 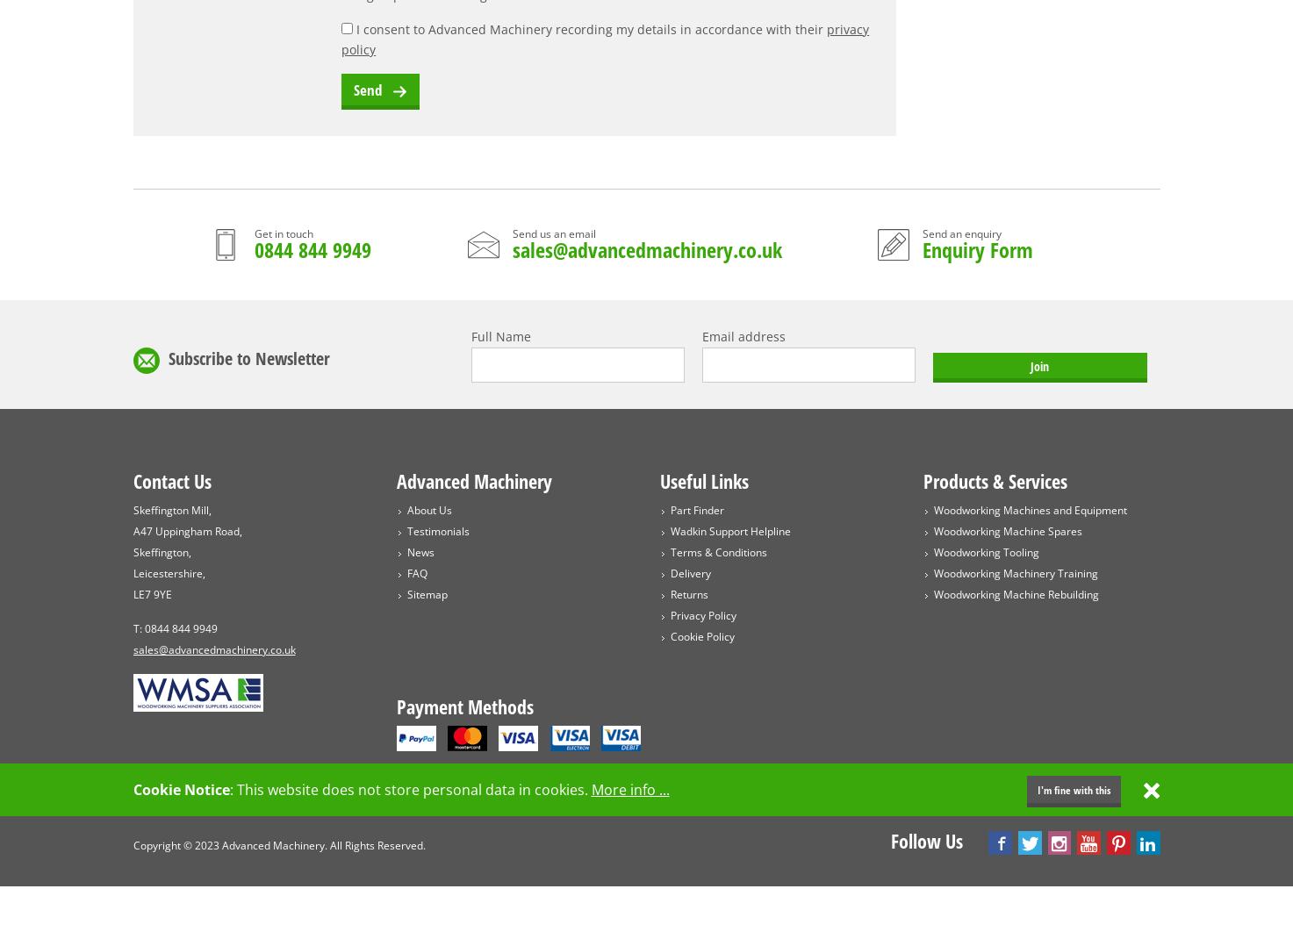 What do you see at coordinates (1014, 572) in the screenshot?
I see `'Woodworking Machinery Training'` at bounding box center [1014, 572].